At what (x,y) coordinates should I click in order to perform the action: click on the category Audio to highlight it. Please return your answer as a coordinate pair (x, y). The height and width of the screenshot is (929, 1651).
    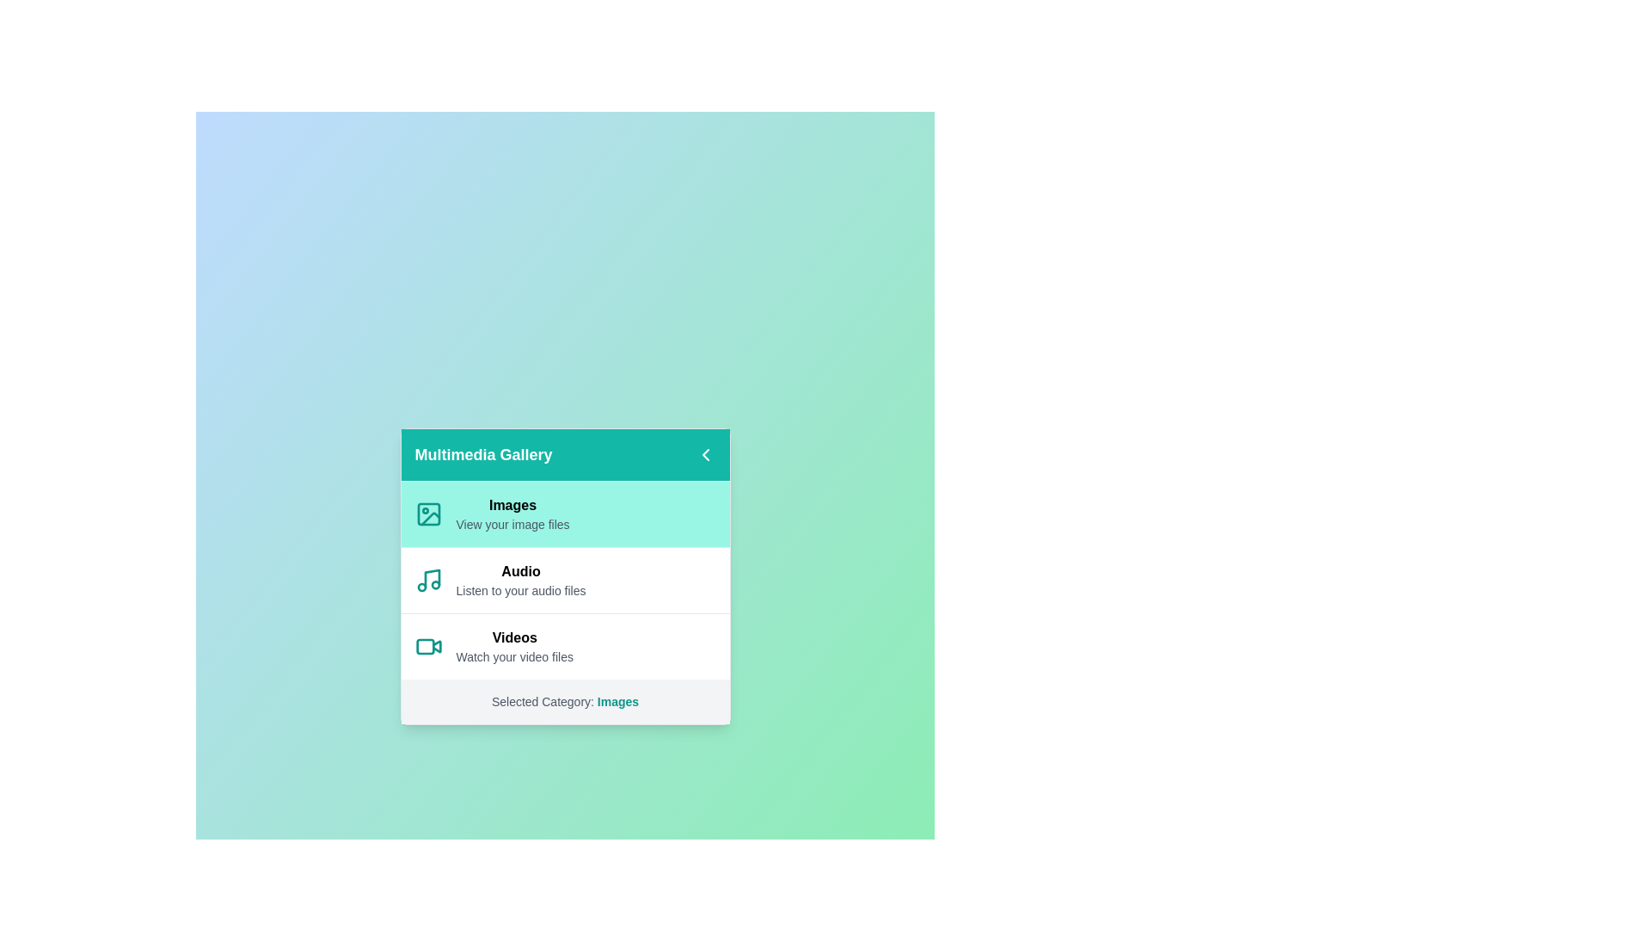
    Looking at the image, I should click on (565, 580).